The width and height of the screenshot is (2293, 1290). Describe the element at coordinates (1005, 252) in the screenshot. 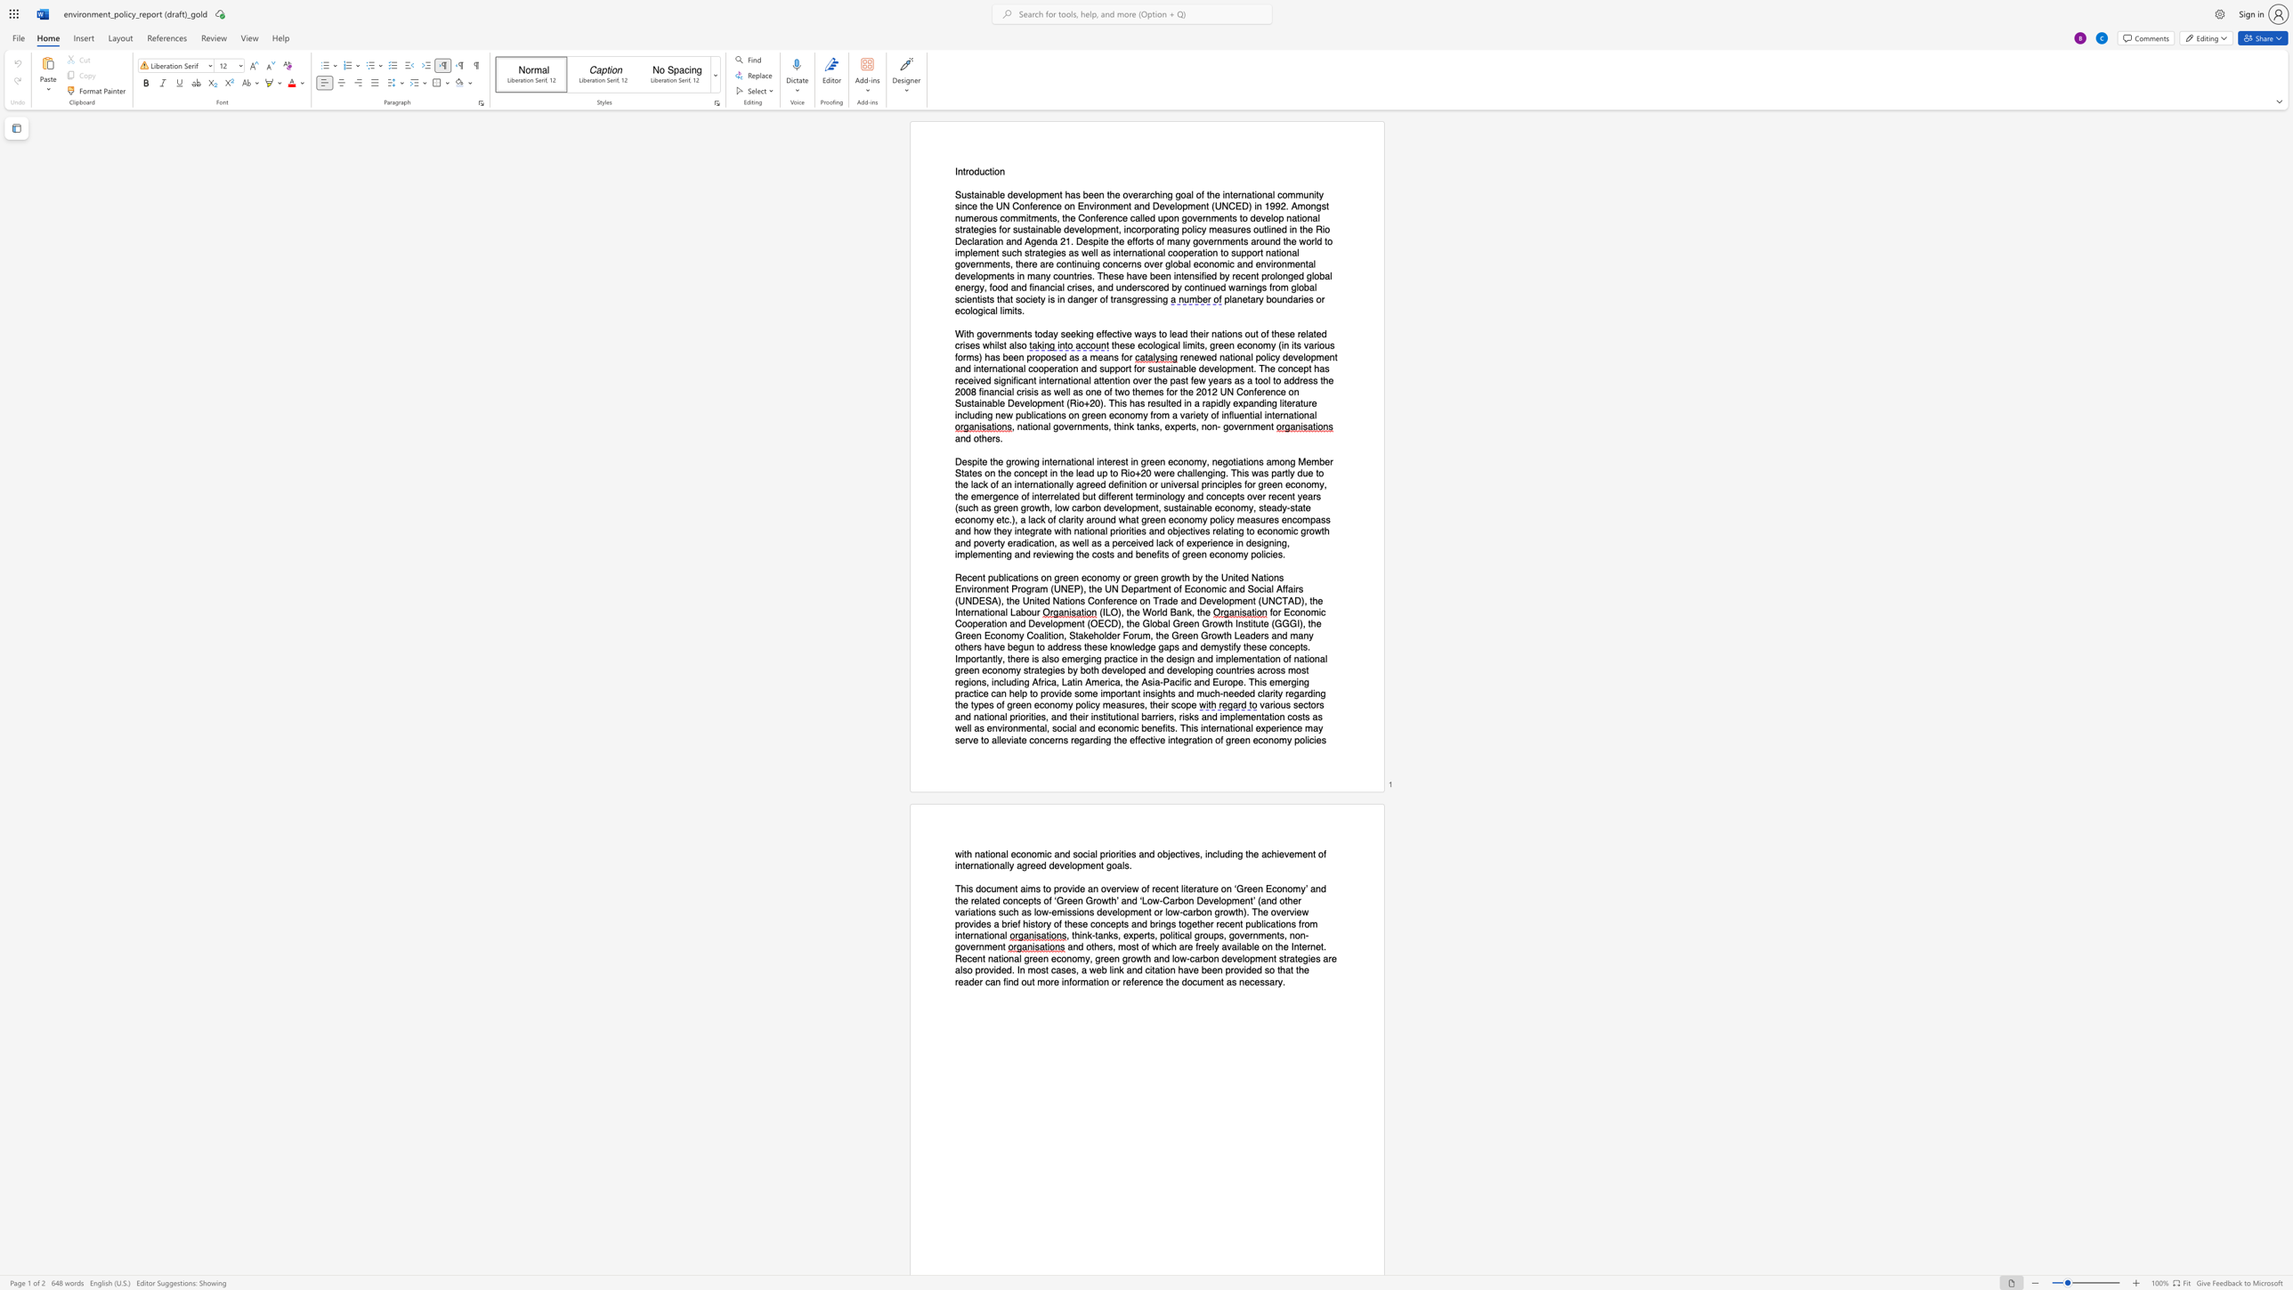

I see `the subset text "uch strategies as well as international cooperation to support national governments, there are continuing concerns over global economic and environmental de" within the text "commitments, the Conference called upon governments to develop national strategies for sustainable development, incorporating policy measures outlined in the Rio Declaration and Agenda 21. Despite the efforts of many governments around the world to implement such strategies as well as international cooperation to support national governments, there are continuing concerns over global economic and environmental developments in many countries. These have been intensified by recent prolonged global energy,"` at that location.